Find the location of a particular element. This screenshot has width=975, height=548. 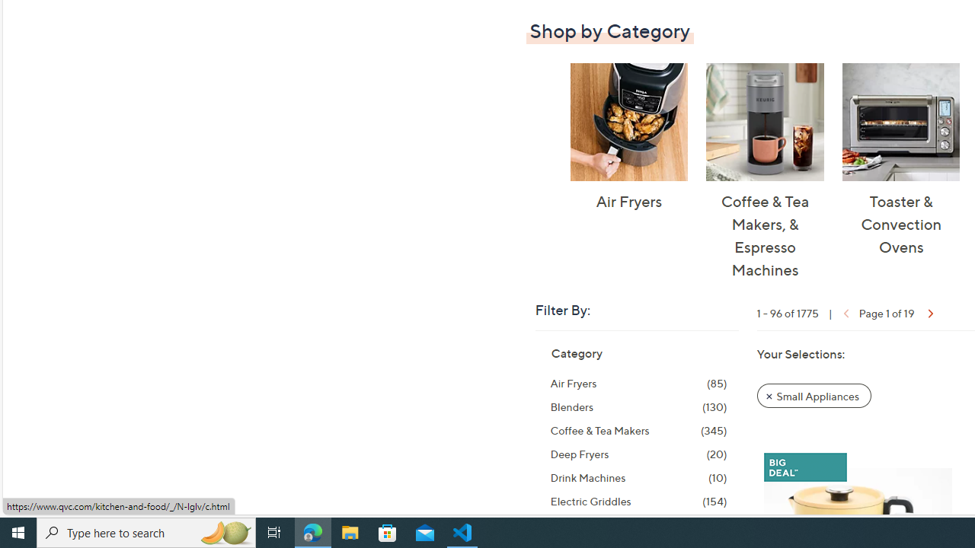

'Next Page' is located at coordinates (928, 311).